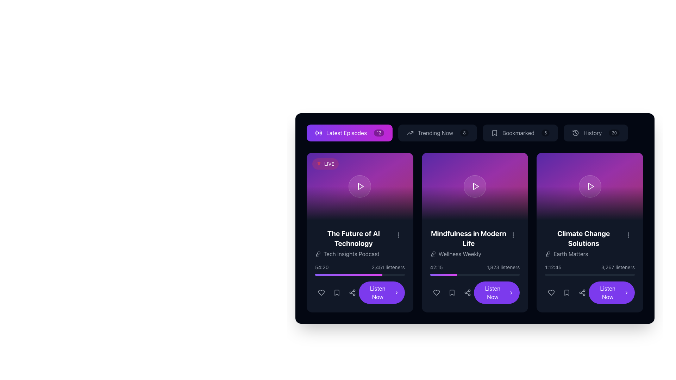 The height and width of the screenshot is (380, 676). I want to click on the 'Listen Now' button with rounded shape and purple background, so click(360, 283).